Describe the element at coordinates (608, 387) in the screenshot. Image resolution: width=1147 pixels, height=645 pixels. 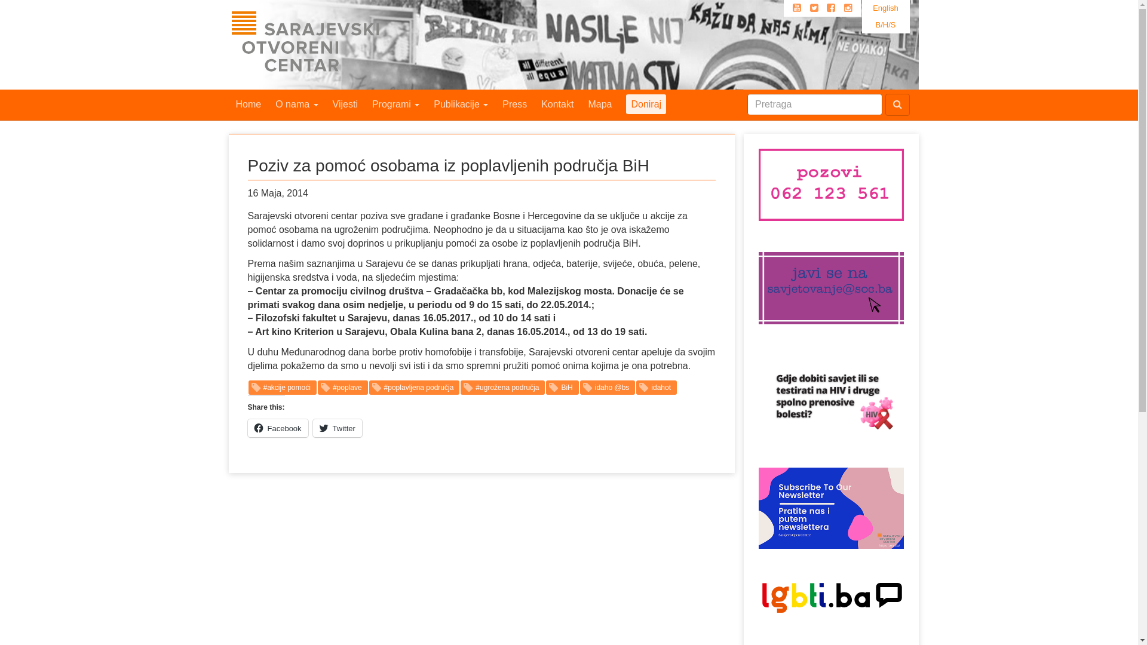
I see `'idaho @bs'` at that location.